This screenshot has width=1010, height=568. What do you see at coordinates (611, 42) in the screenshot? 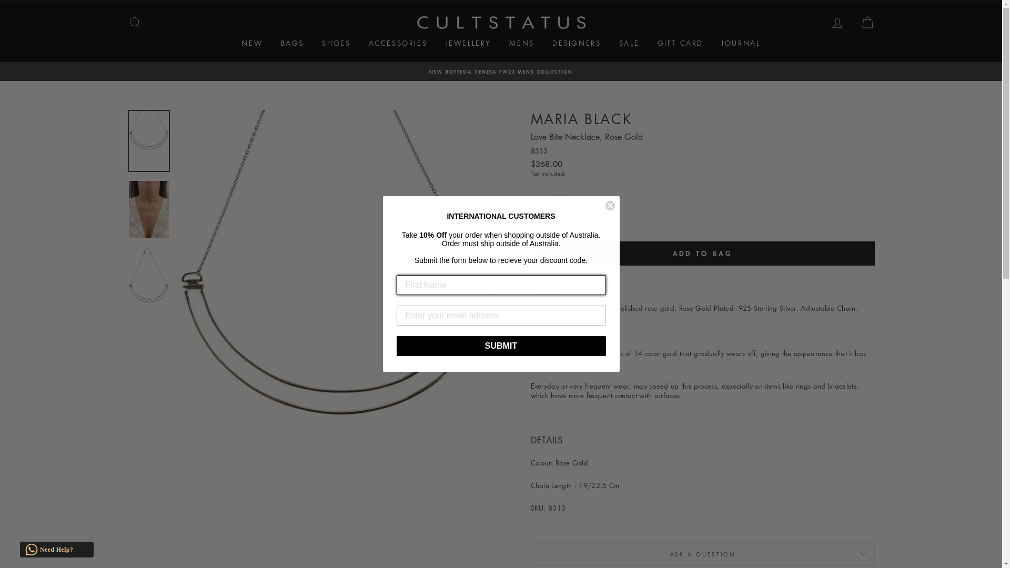
I see `'SALE'` at bounding box center [611, 42].